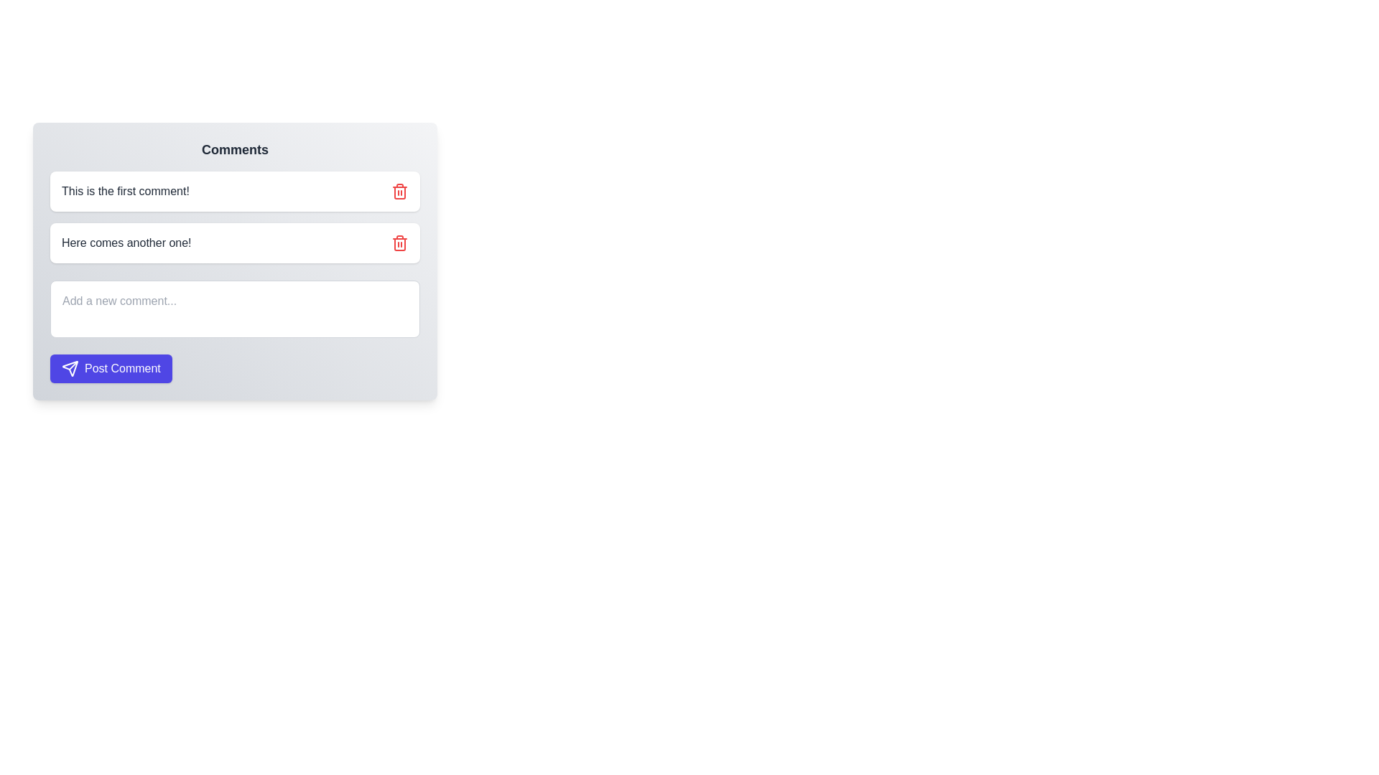 This screenshot has width=1379, height=775. What do you see at coordinates (235, 332) in the screenshot?
I see `the text input field for adding a new comment, which is styled with a light background and has the placeholder text 'Add a new comment...'. This input field is located at the bottom of the comment section, directly below existing comments` at bounding box center [235, 332].